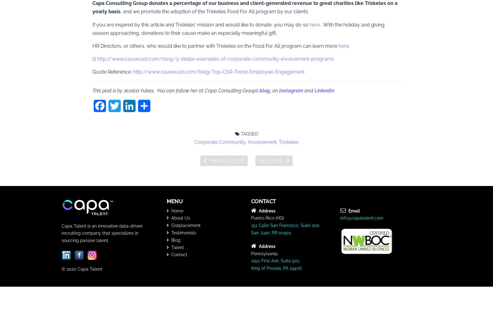 The width and height of the screenshot is (493, 311). Describe the element at coordinates (176, 90) in the screenshot. I see `'This post is by Jessica Yubas.  You can follow her at Capa Consulting Group’s'` at that location.